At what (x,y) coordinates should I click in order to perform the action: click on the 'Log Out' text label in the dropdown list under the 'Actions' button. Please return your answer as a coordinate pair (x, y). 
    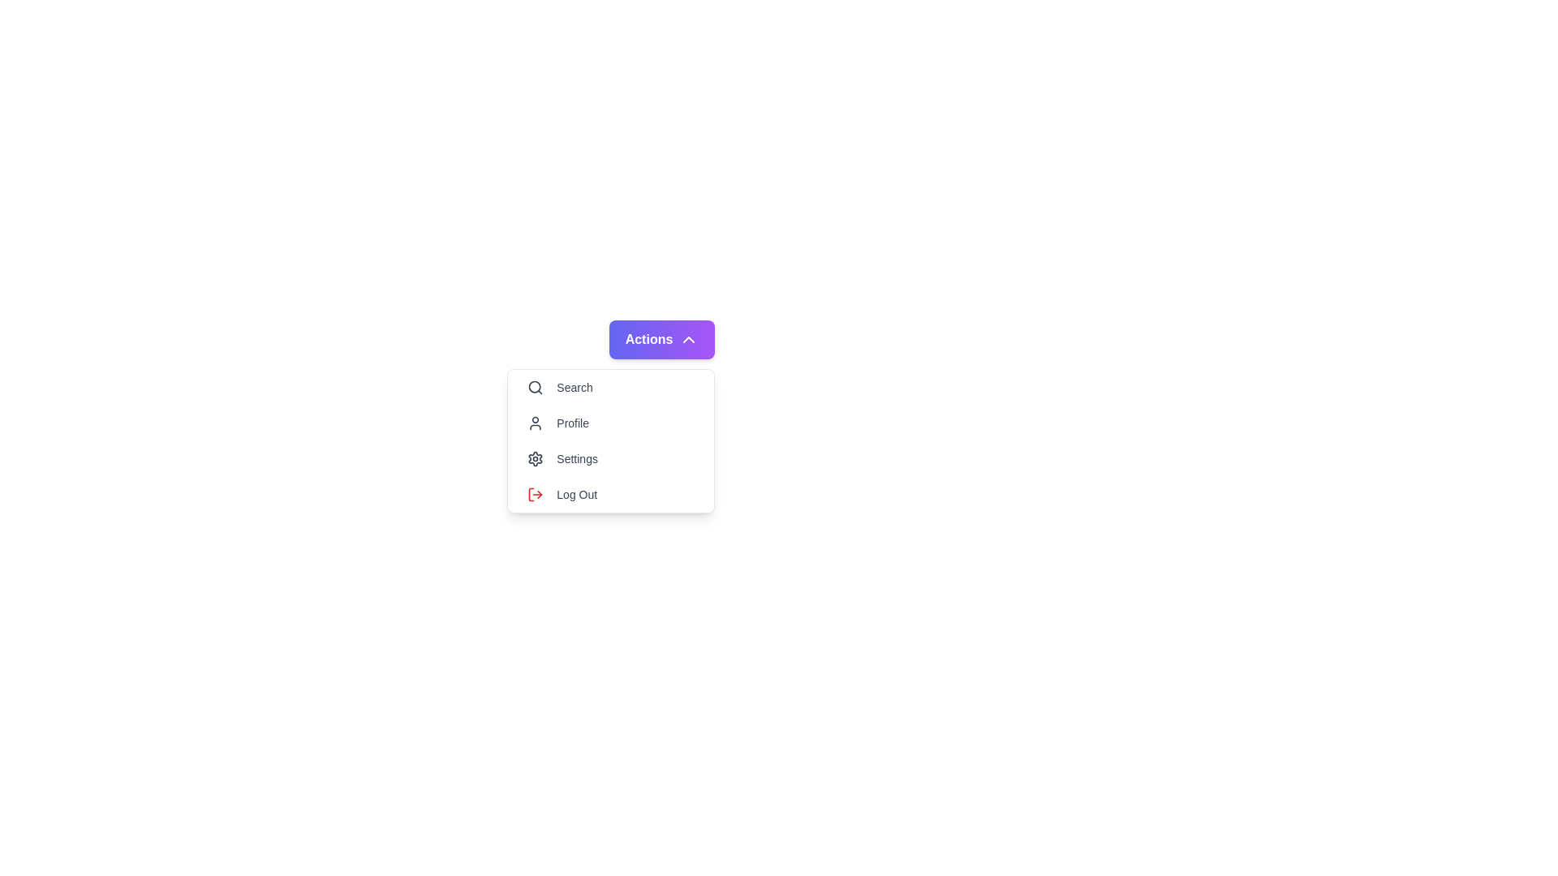
    Looking at the image, I should click on (577, 493).